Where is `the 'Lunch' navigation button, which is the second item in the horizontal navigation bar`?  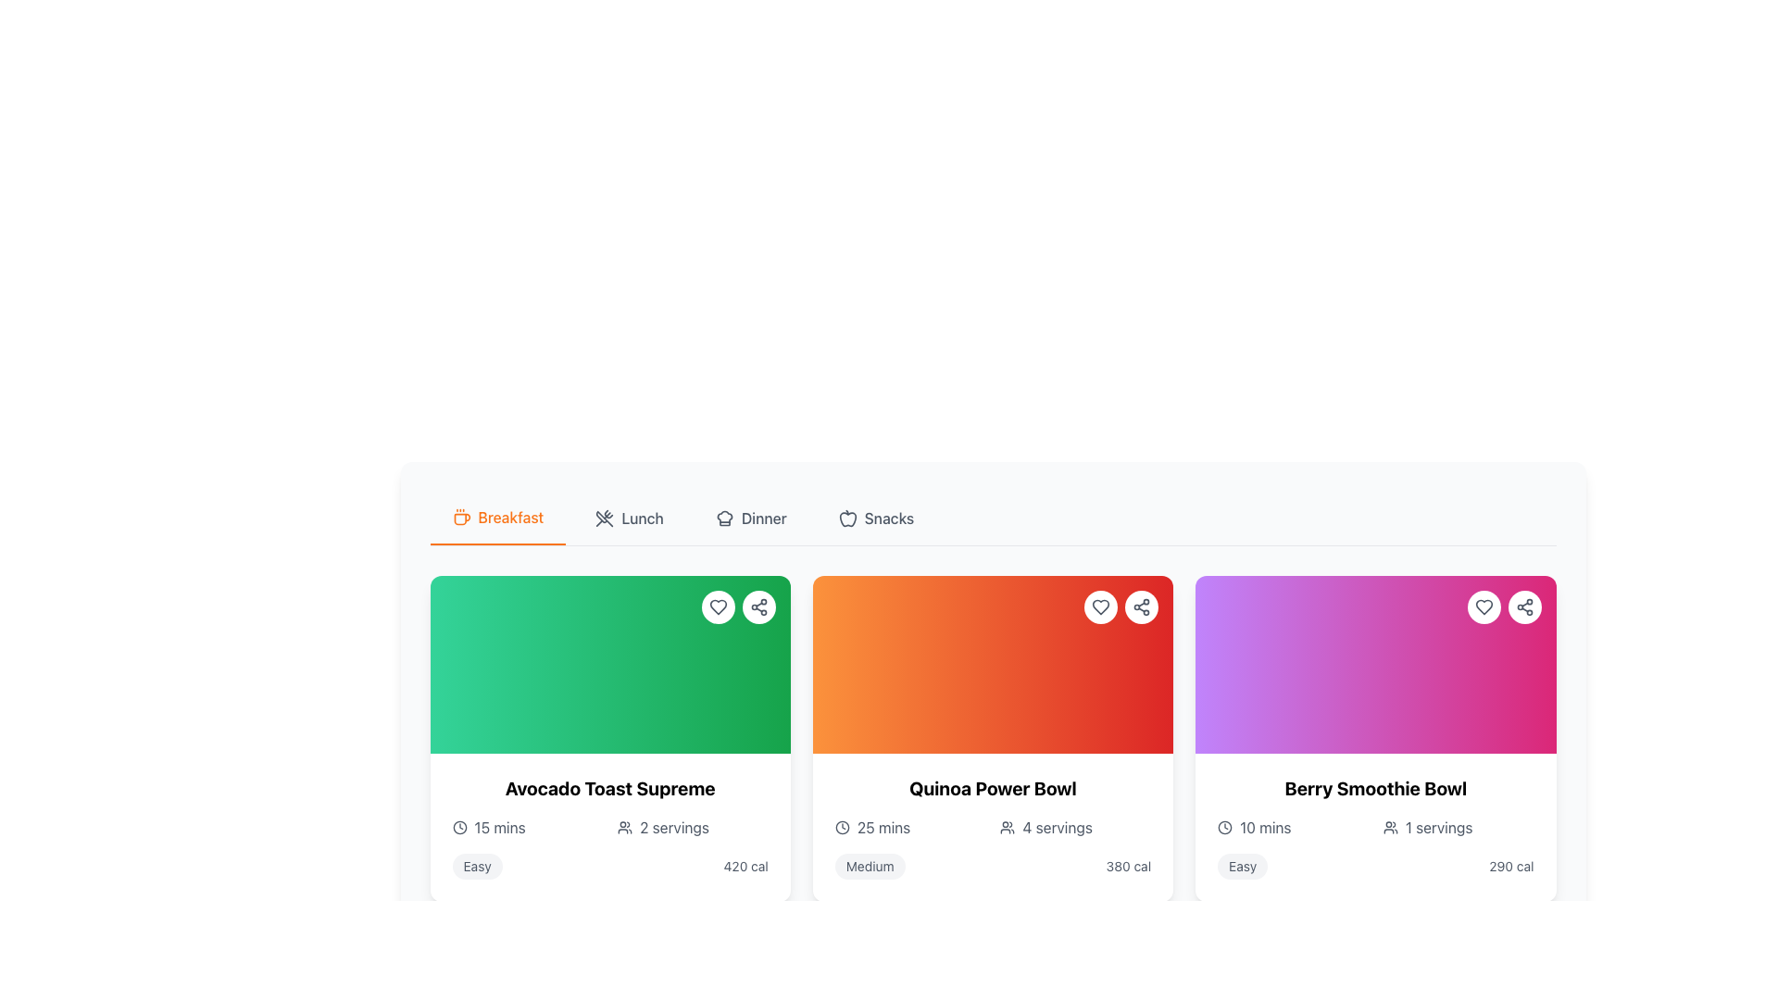 the 'Lunch' navigation button, which is the second item in the horizontal navigation bar is located at coordinates (630, 518).